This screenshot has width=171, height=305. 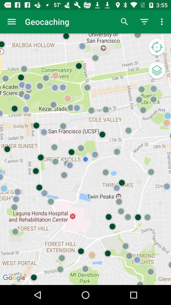 What do you see at coordinates (156, 71) in the screenshot?
I see `the layers icon` at bounding box center [156, 71].